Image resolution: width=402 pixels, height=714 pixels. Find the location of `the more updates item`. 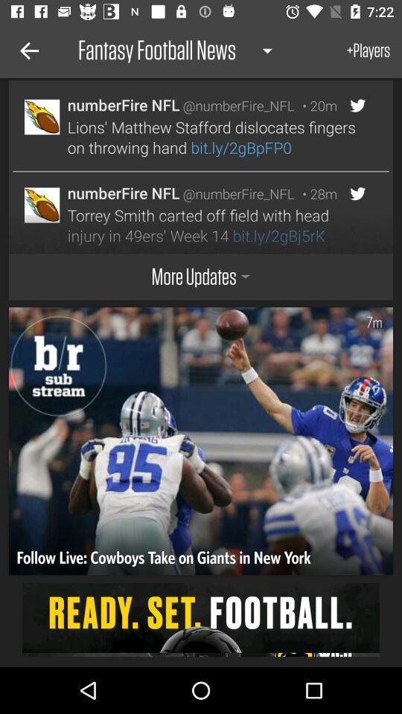

the more updates item is located at coordinates (201, 276).